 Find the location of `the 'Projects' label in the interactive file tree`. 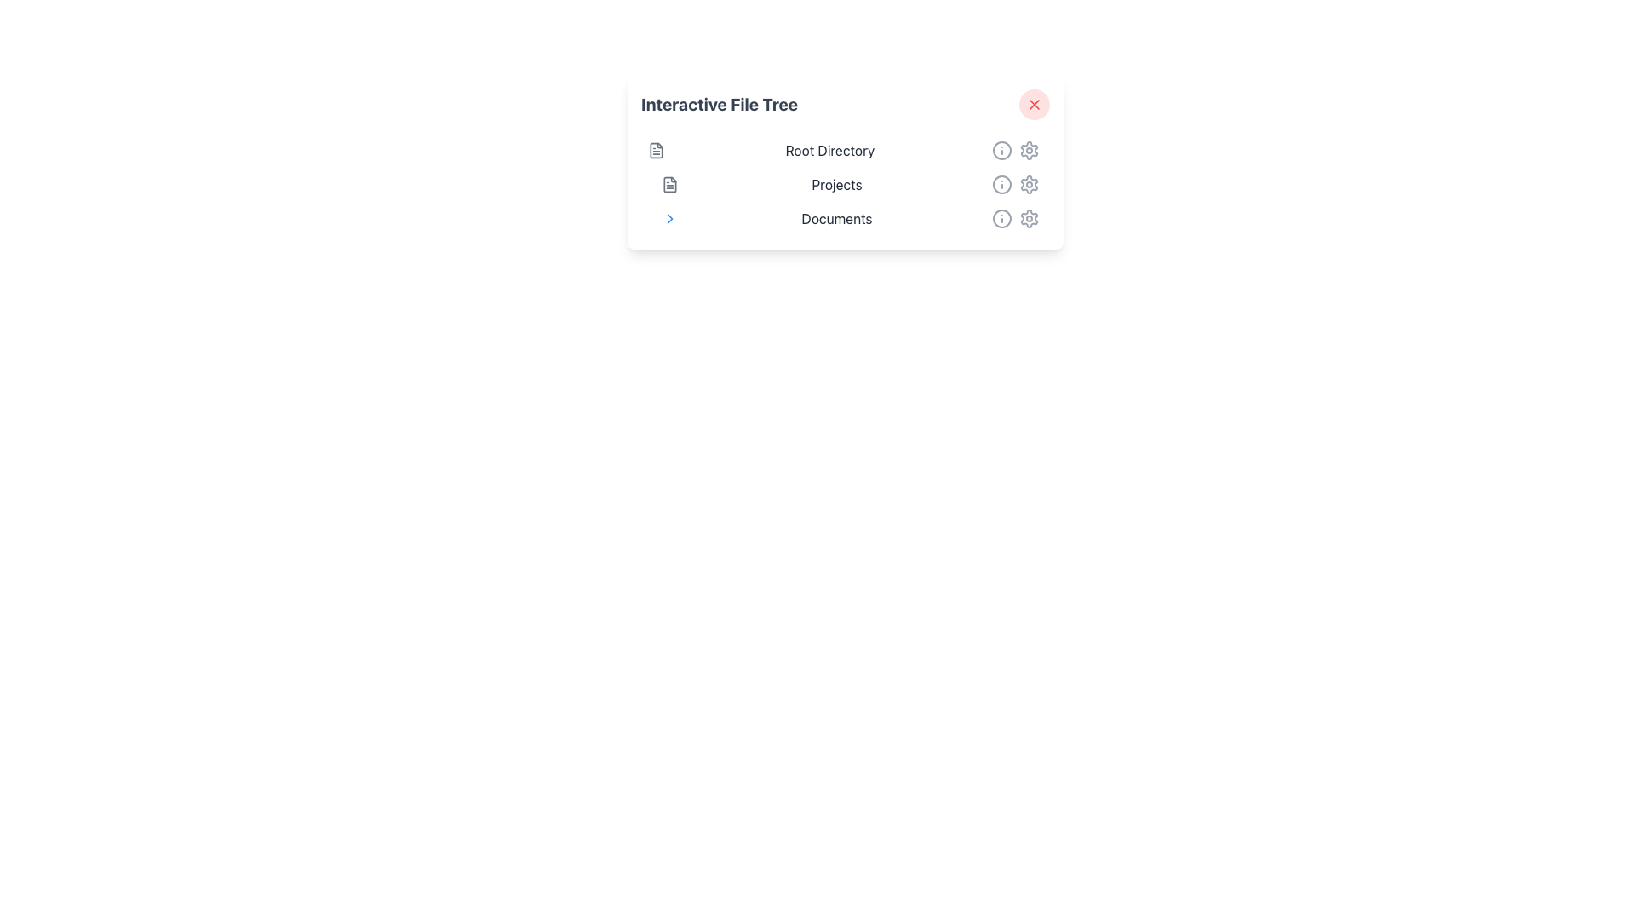

the 'Projects' label in the interactive file tree is located at coordinates (837, 184).